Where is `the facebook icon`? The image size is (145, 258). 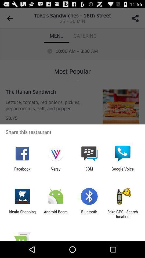 the facebook icon is located at coordinates (22, 171).